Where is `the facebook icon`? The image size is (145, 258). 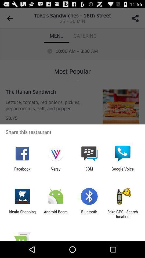 the facebook icon is located at coordinates (22, 171).